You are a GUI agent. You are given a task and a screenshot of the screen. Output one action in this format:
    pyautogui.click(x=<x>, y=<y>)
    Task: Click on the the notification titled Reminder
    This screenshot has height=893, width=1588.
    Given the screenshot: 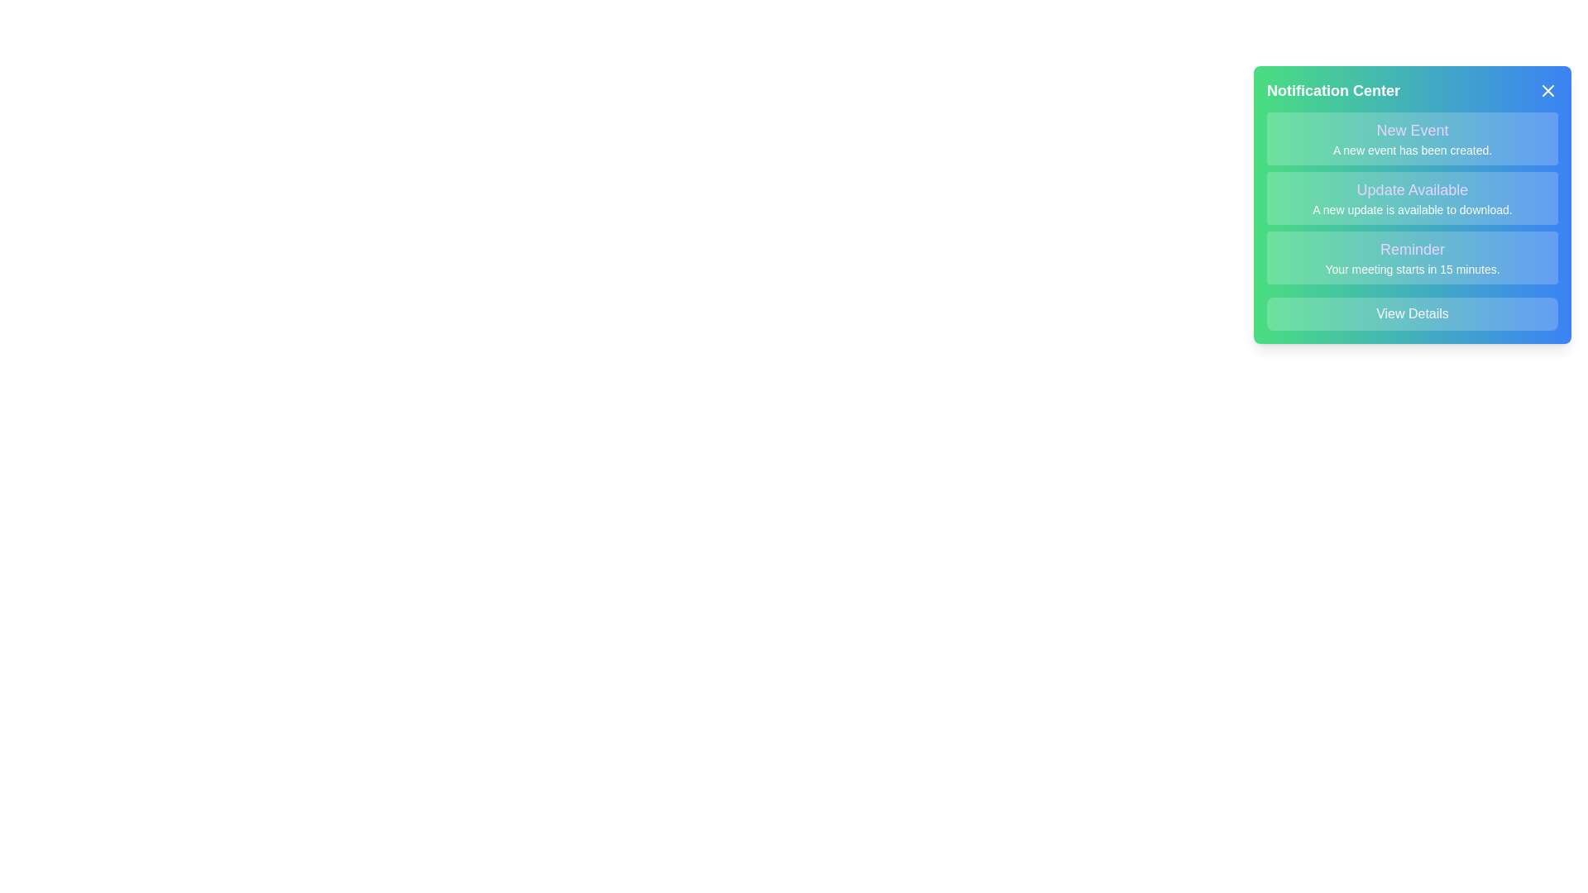 What is the action you would take?
    pyautogui.click(x=1412, y=258)
    